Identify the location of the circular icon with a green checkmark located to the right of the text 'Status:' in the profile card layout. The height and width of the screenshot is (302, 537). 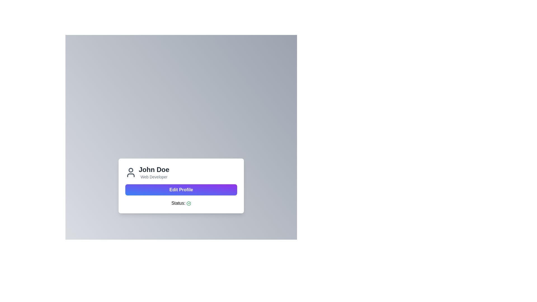
(189, 203).